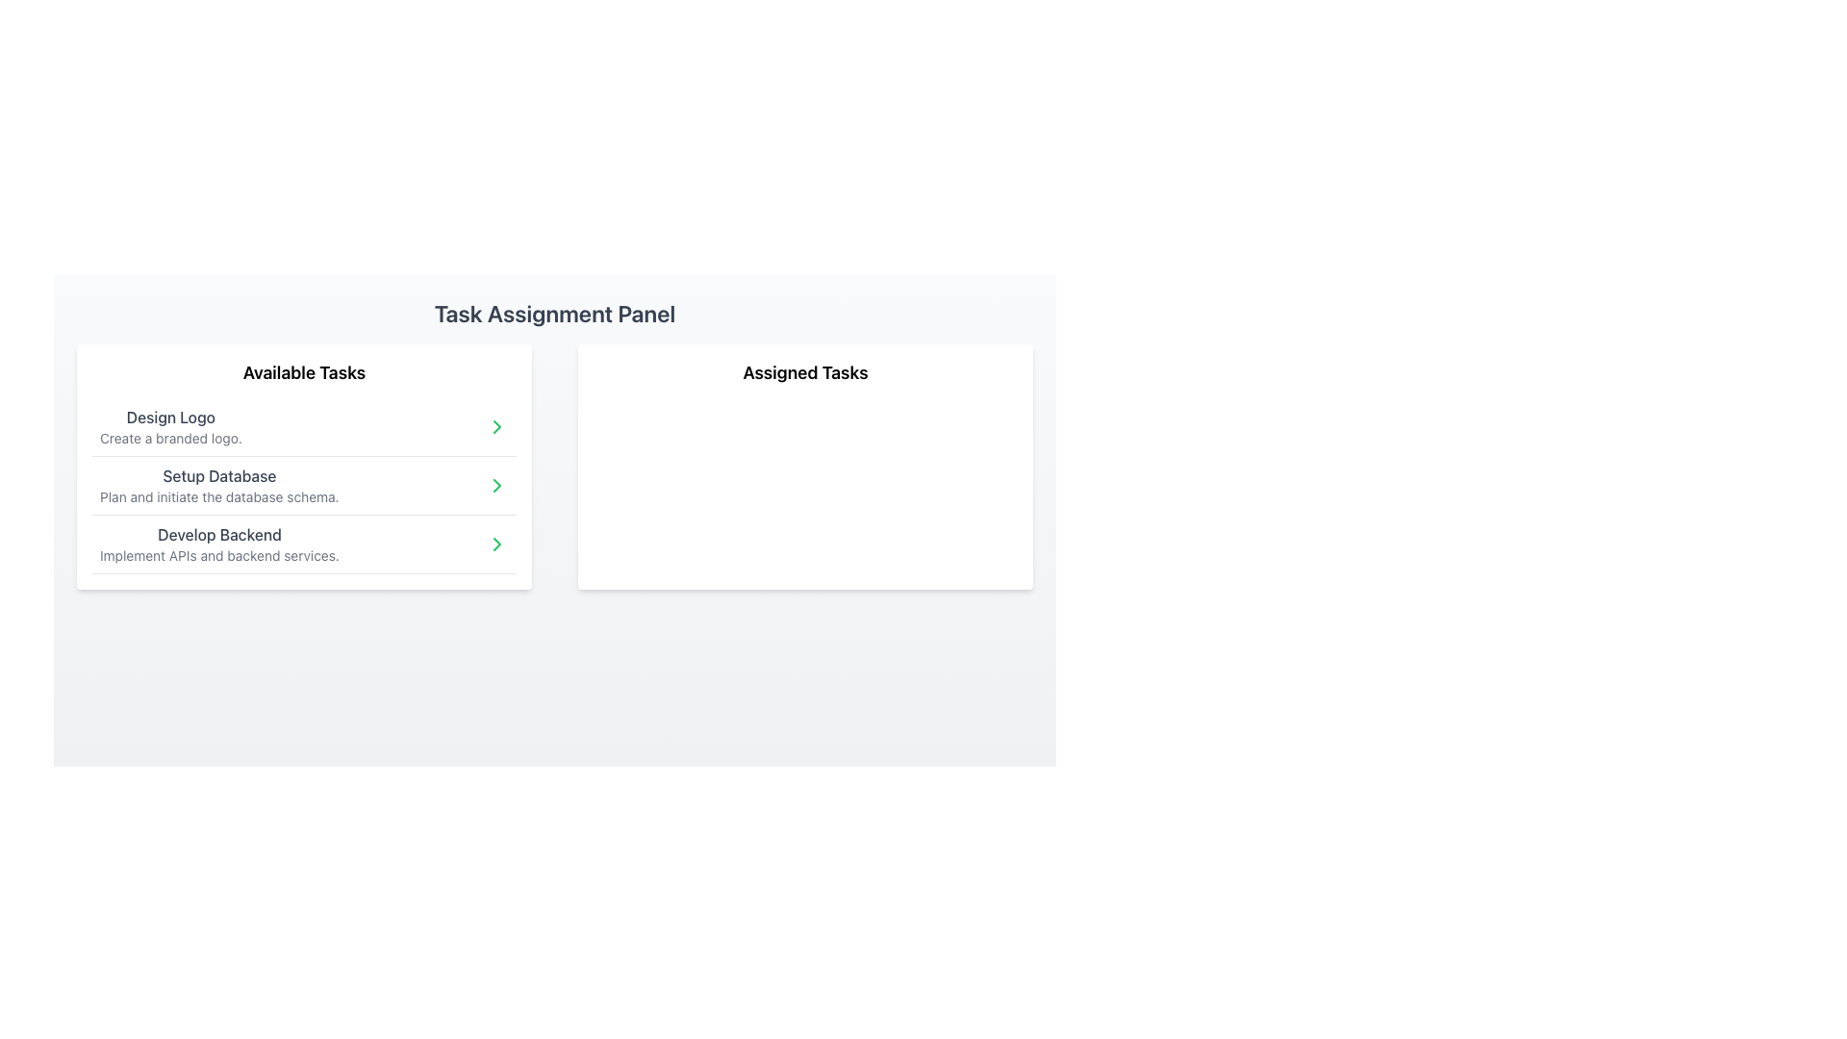 The height and width of the screenshot is (1039, 1847). What do you see at coordinates (303, 373) in the screenshot?
I see `the static text element that serves as a section title for the list of tasks available for assignment, located at the top center of the white card on the left side of the interface` at bounding box center [303, 373].